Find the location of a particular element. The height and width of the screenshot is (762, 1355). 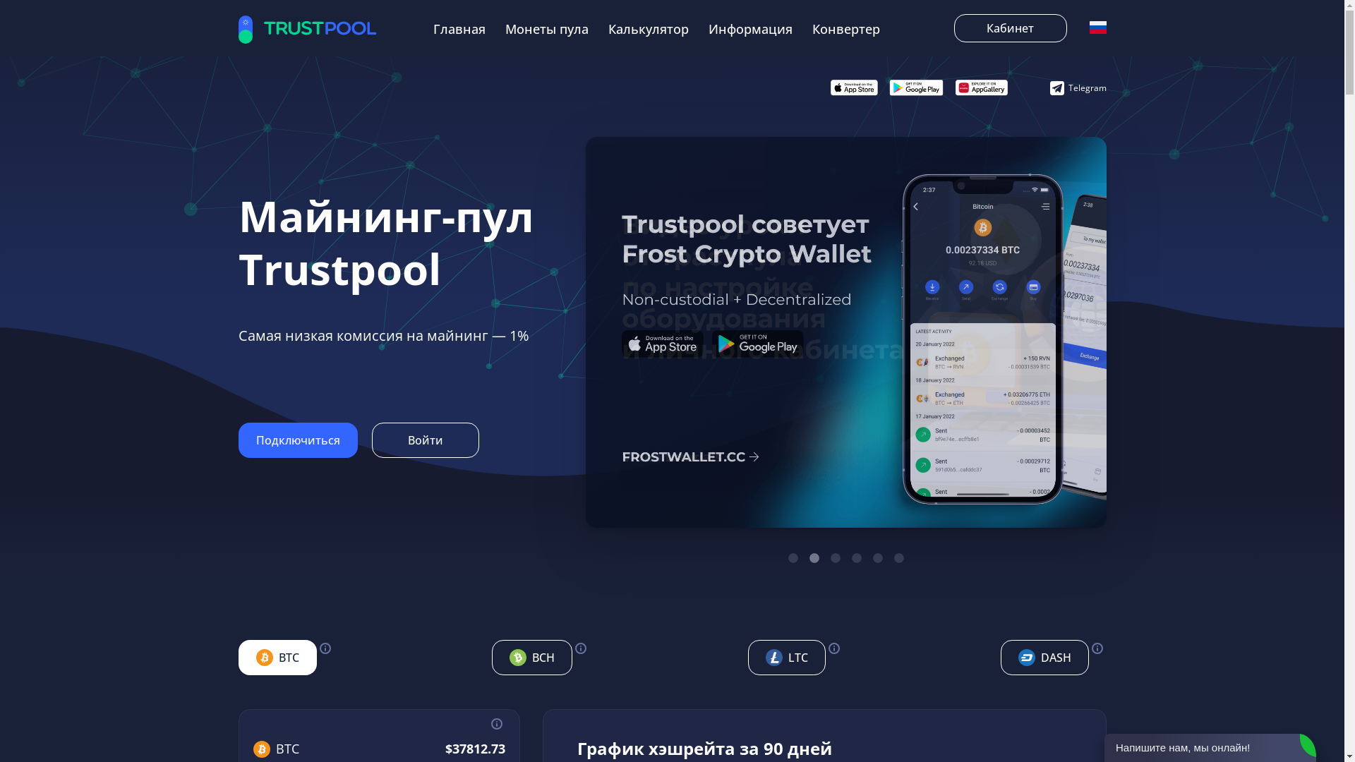

'LTC' is located at coordinates (785, 656).